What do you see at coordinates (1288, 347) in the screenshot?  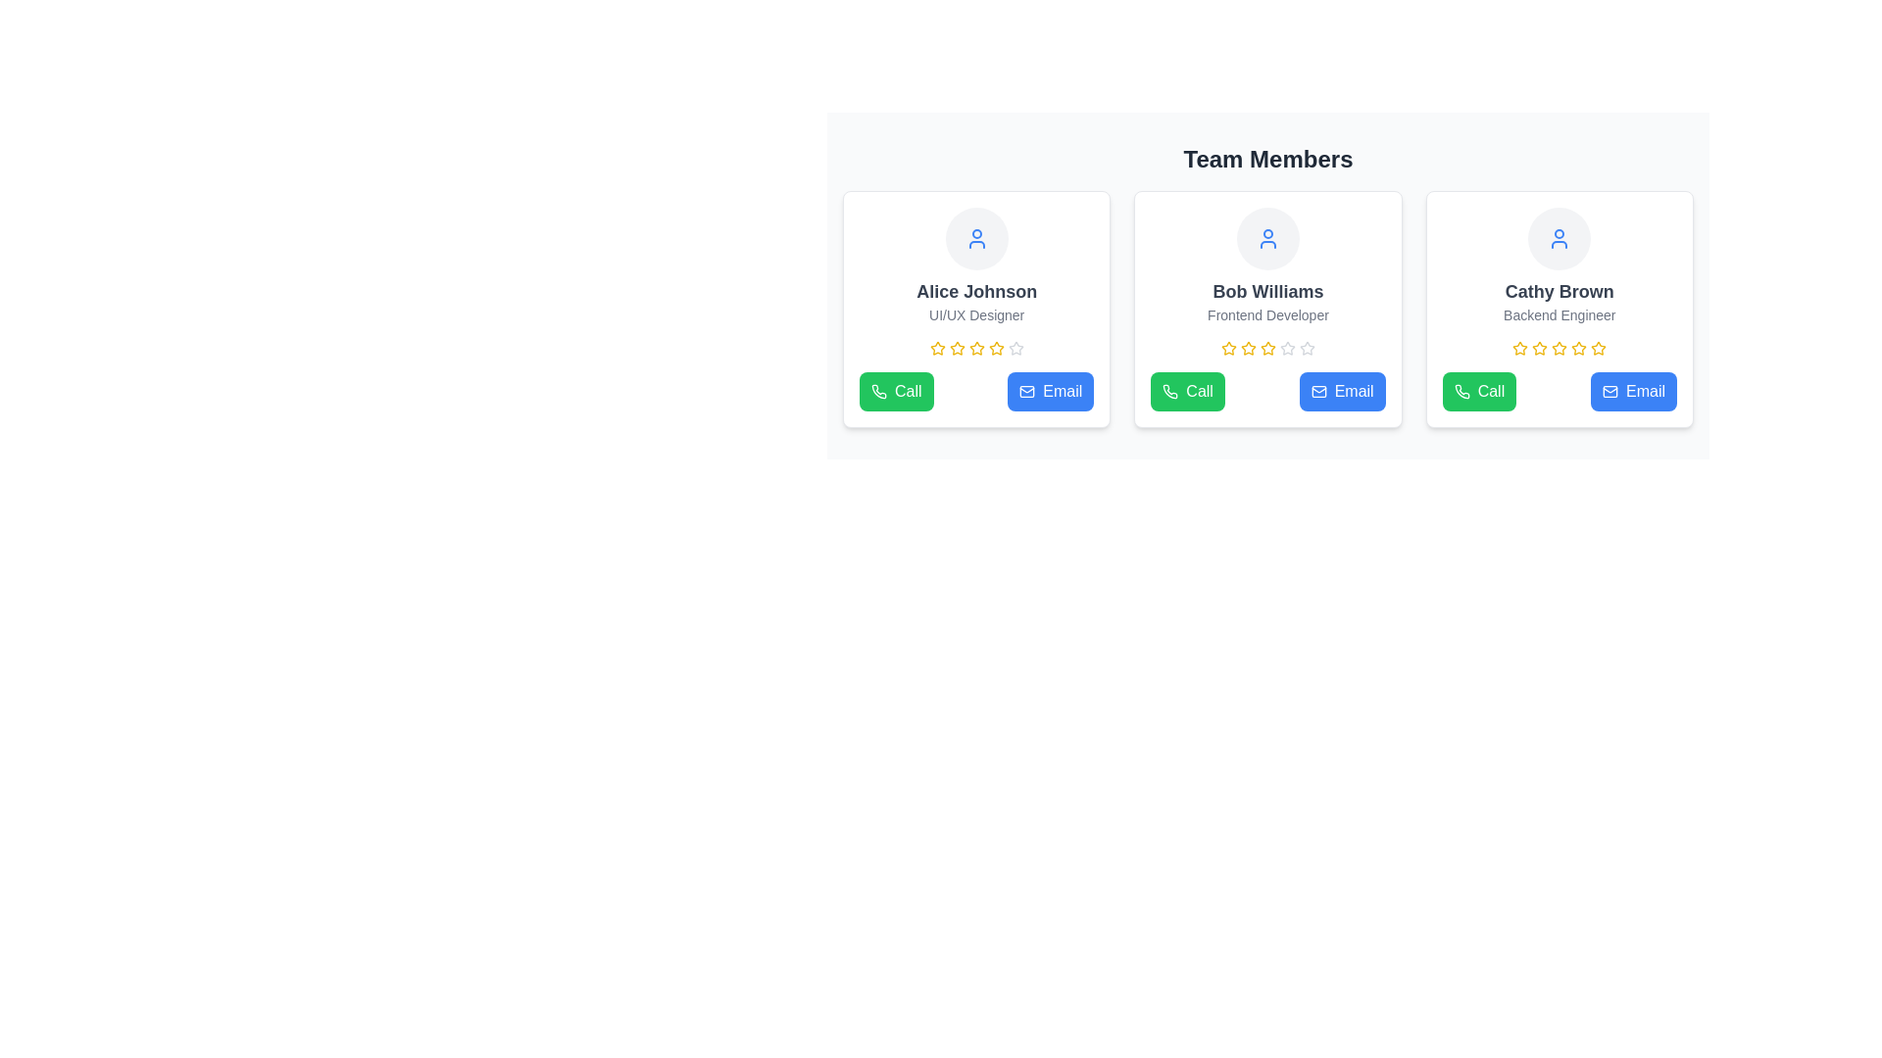 I see `the third star icon from the left in the horizontal row of star icons under the profile card for 'Bob Williams' to rate it` at bounding box center [1288, 347].